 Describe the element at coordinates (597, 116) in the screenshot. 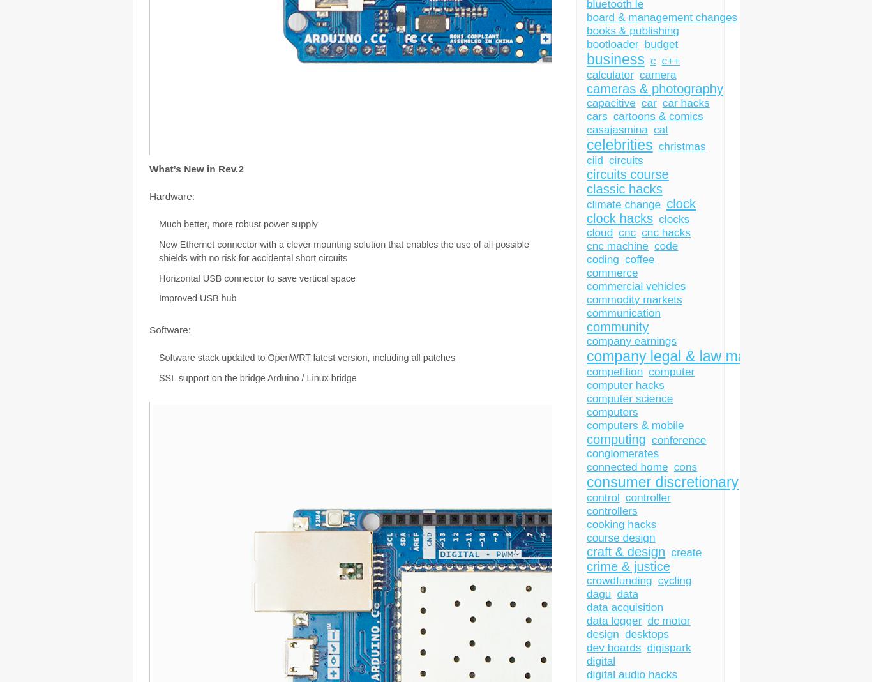

I see `'cars'` at that location.